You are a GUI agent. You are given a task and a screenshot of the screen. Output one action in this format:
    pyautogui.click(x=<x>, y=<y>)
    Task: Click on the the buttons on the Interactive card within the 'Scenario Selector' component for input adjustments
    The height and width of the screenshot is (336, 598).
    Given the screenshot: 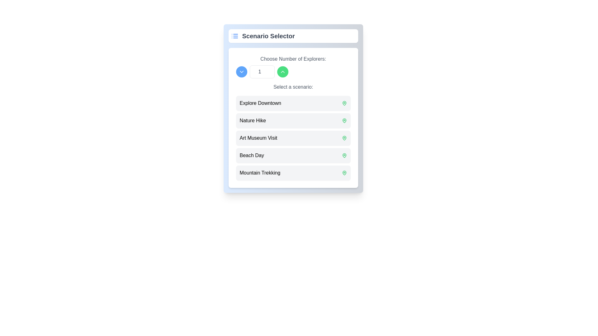 What is the action you would take?
    pyautogui.click(x=293, y=118)
    